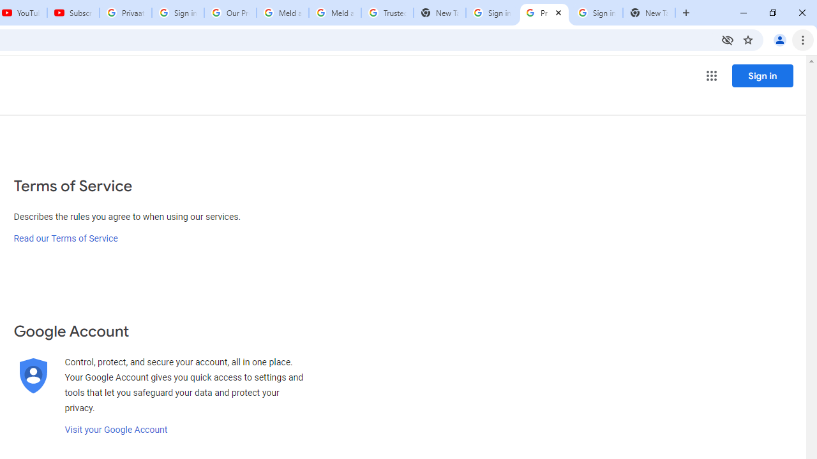 Image resolution: width=817 pixels, height=459 pixels. I want to click on 'Close', so click(558, 12).